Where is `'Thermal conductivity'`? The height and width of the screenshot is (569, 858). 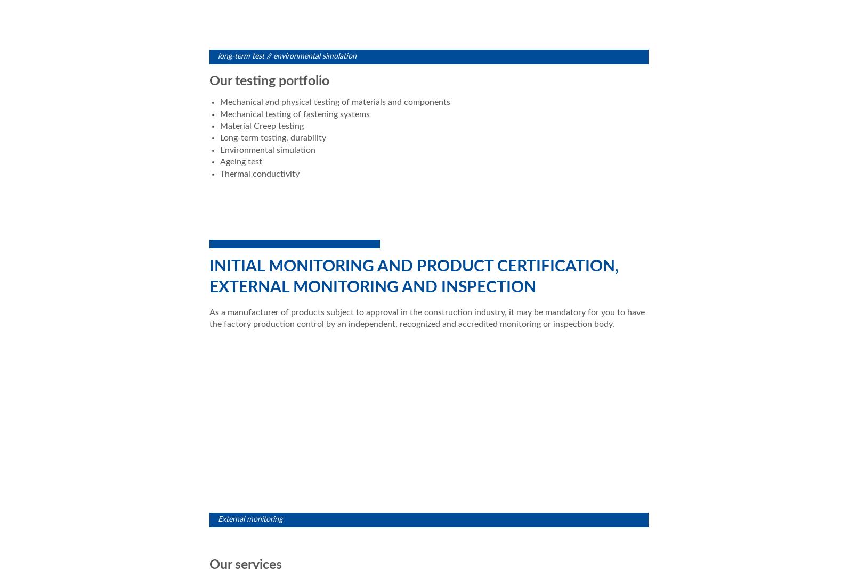
'Thermal conductivity' is located at coordinates (260, 174).